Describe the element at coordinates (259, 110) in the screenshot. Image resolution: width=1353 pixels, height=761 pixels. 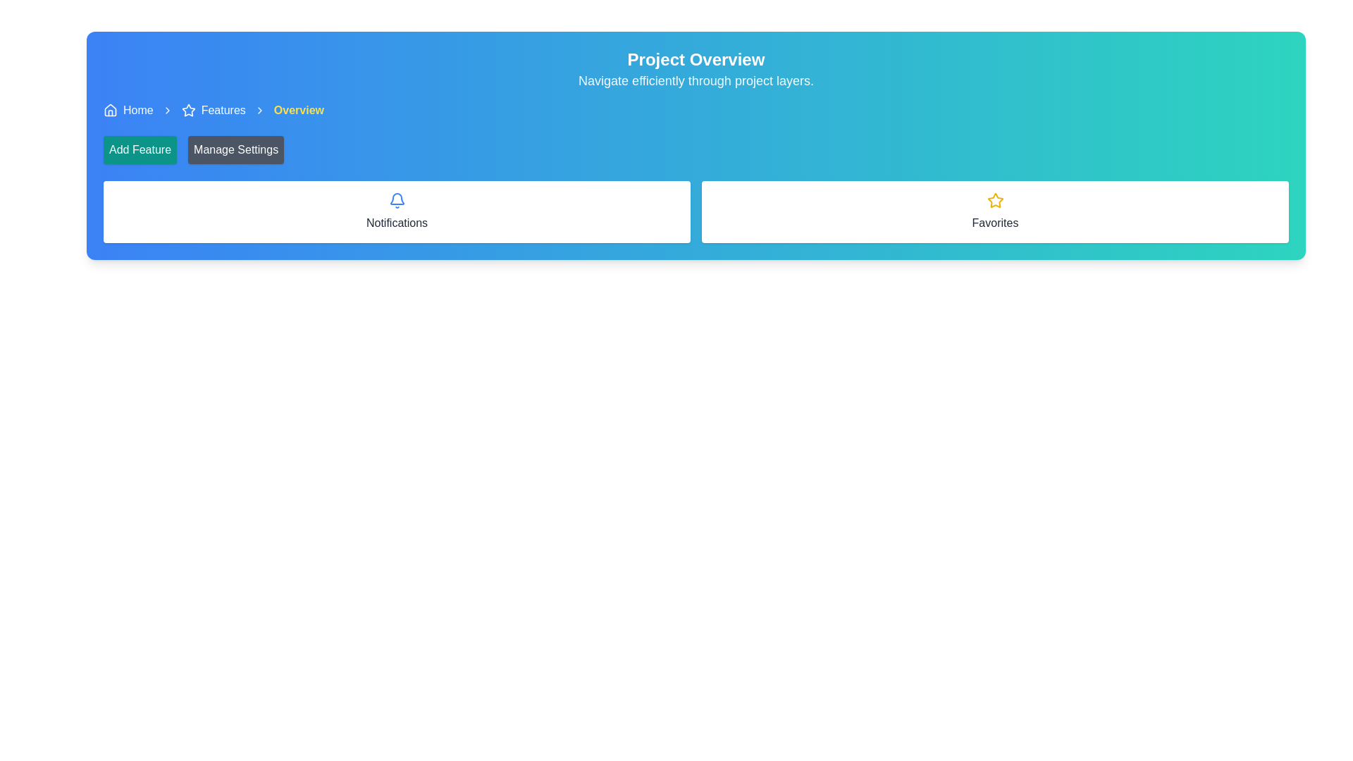
I see `icon separator in the breadcrumb navigation bar located between 'Features' and 'Overview'` at that location.